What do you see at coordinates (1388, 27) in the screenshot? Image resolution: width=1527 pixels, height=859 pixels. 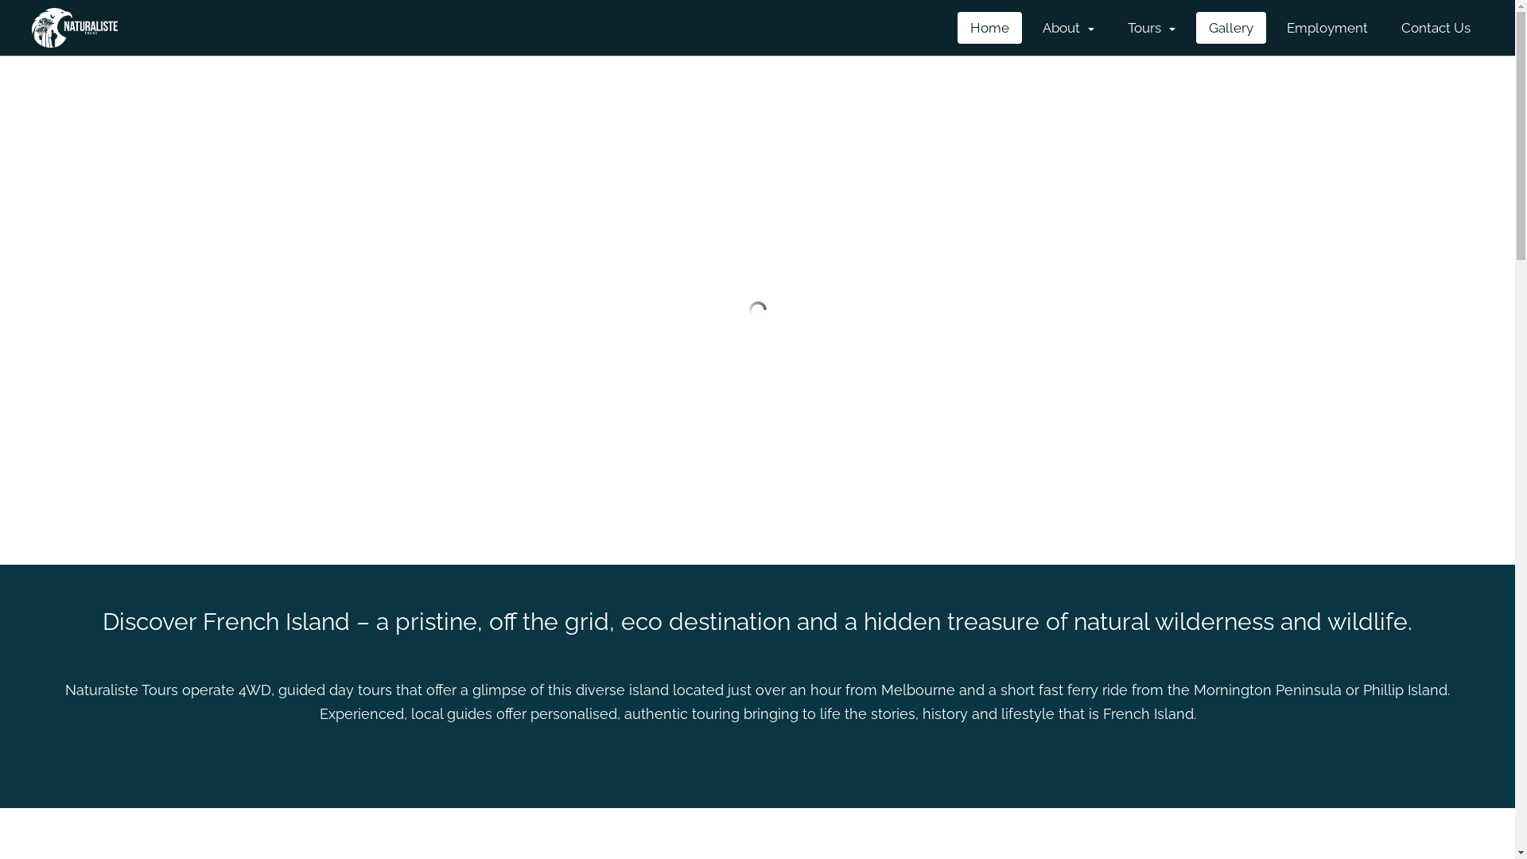 I see `'Contact Us'` at bounding box center [1388, 27].